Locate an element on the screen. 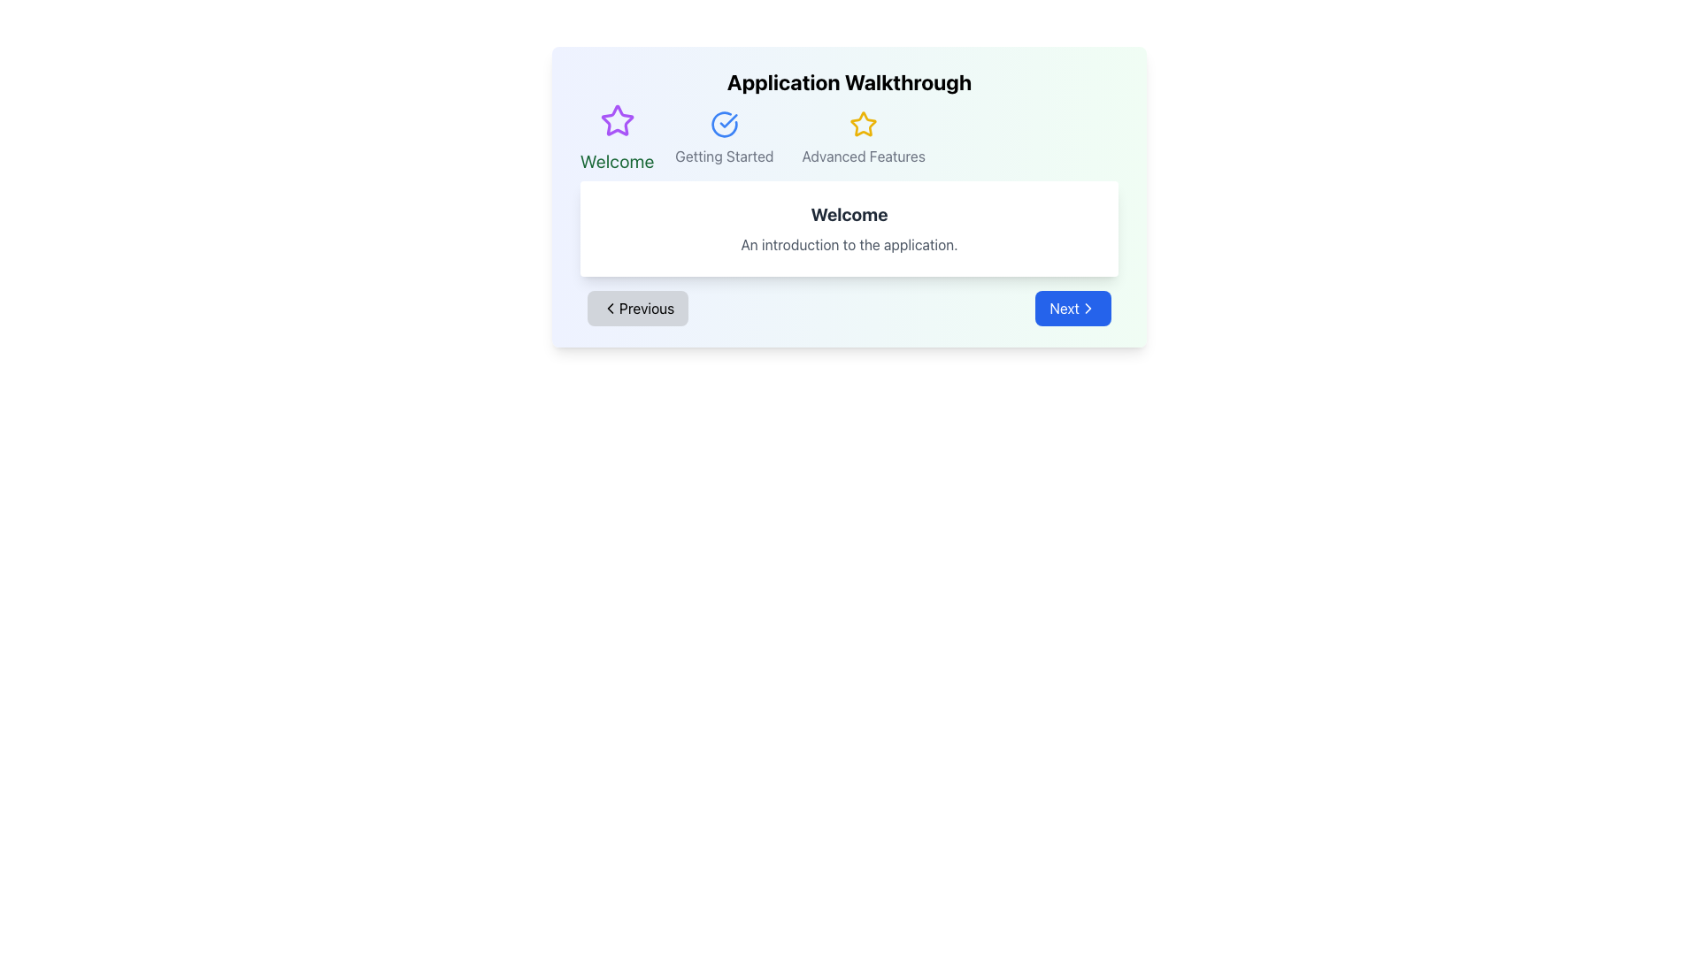 The height and width of the screenshot is (955, 1699). the gray 'Previous' button on the Horizontal Navigation Control is located at coordinates (849, 307).